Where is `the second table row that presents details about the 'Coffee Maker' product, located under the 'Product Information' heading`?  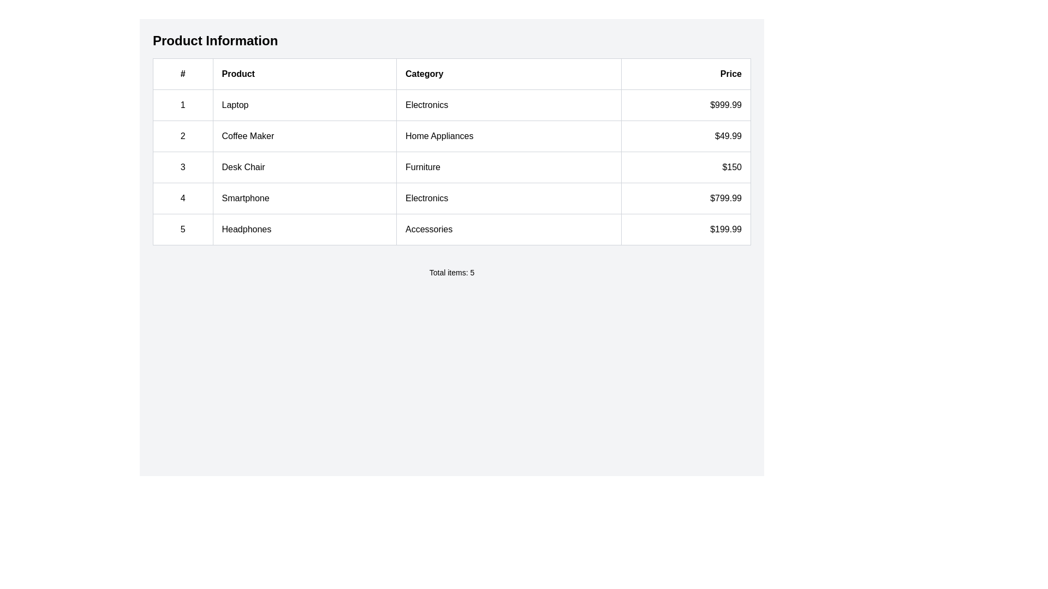
the second table row that presents details about the 'Coffee Maker' product, located under the 'Product Information' heading is located at coordinates (452, 136).